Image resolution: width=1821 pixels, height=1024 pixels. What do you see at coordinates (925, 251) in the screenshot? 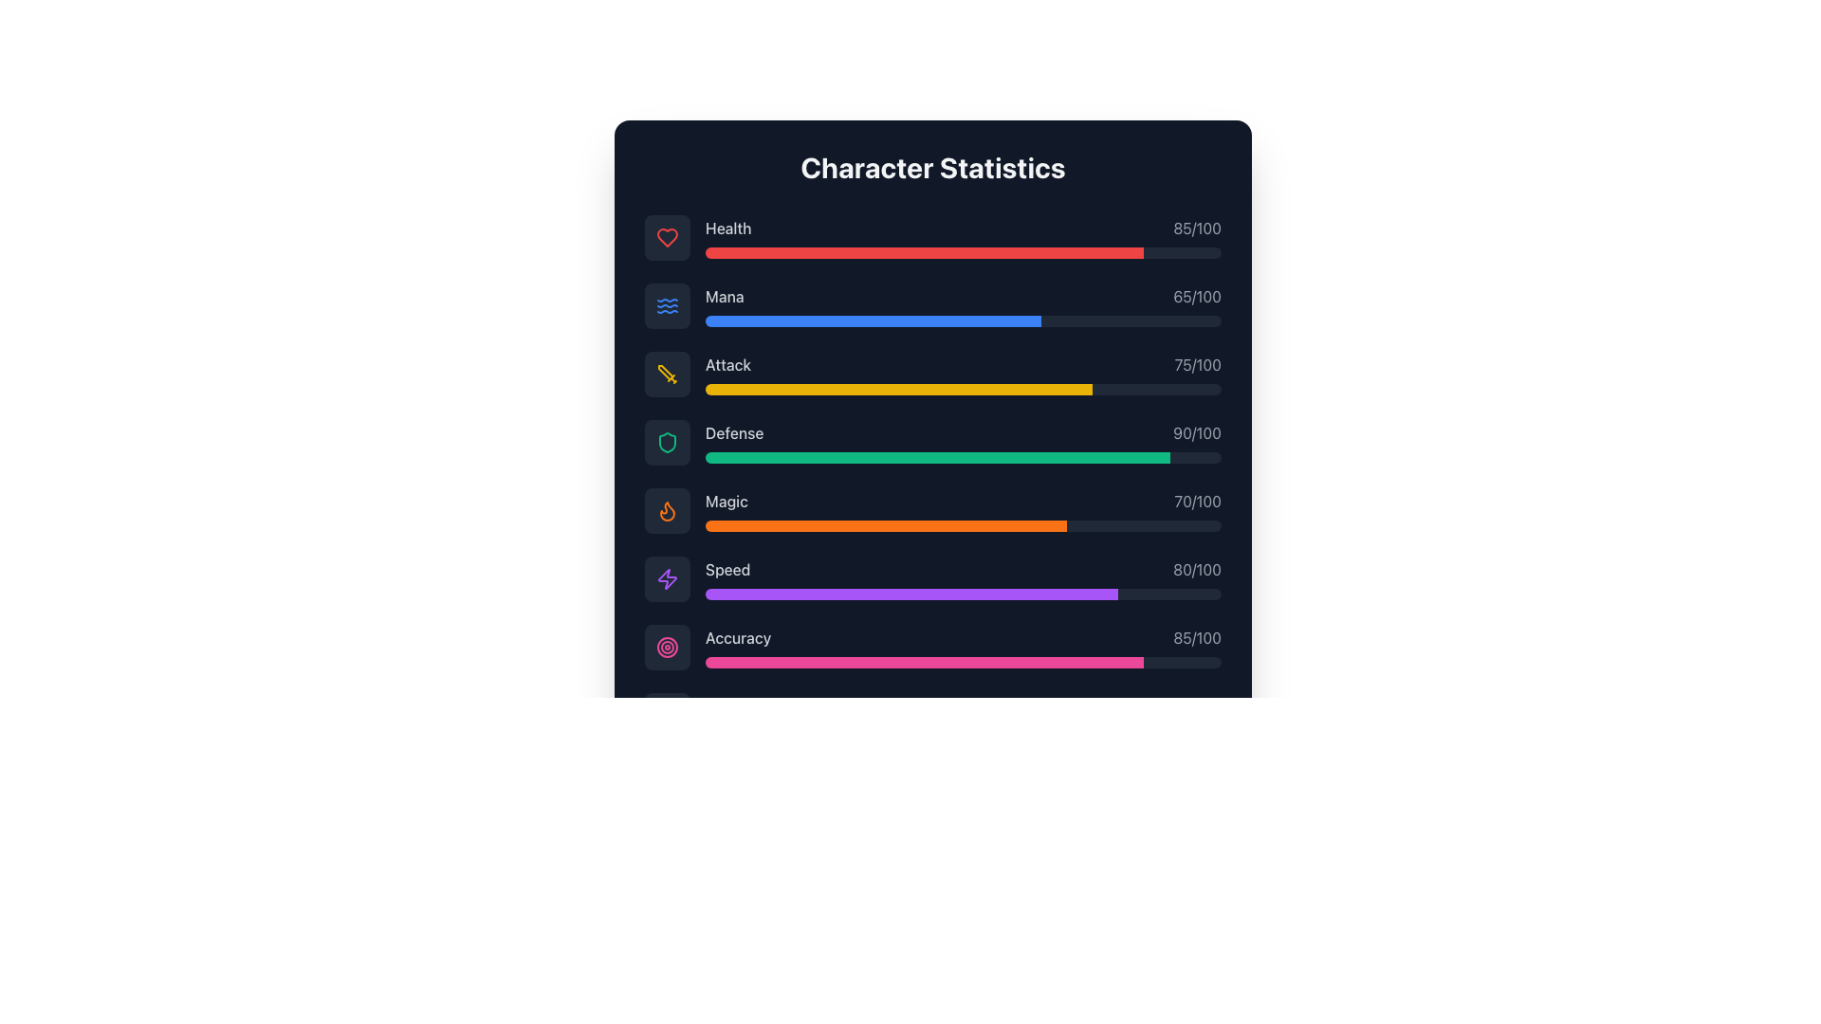
I see `the red health progress bar in the 'Character Statistics' section, which is visually positioned alongside the 'Health' label and the '85/100' numeric value` at bounding box center [925, 251].